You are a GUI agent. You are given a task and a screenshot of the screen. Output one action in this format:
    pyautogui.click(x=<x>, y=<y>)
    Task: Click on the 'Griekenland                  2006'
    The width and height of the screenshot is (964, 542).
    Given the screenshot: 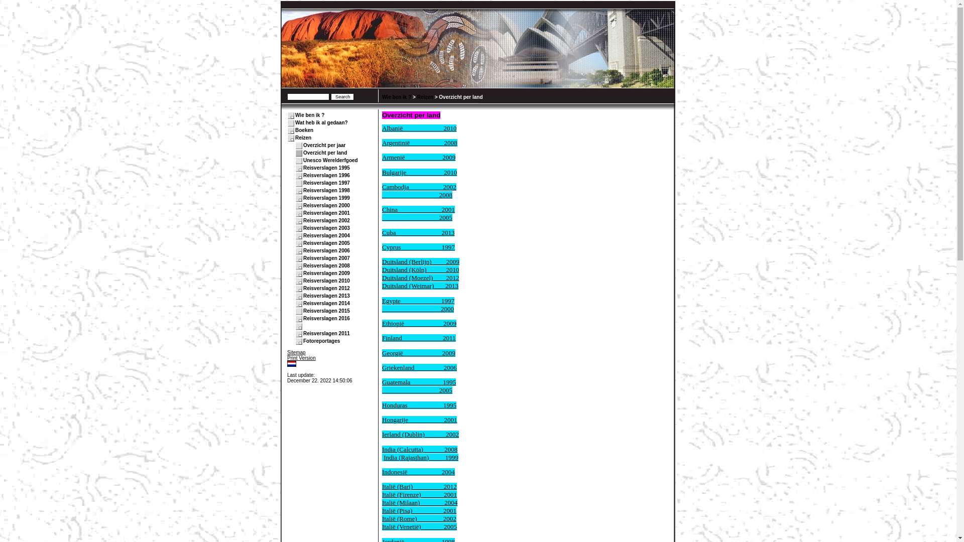 What is the action you would take?
    pyautogui.click(x=382, y=367)
    